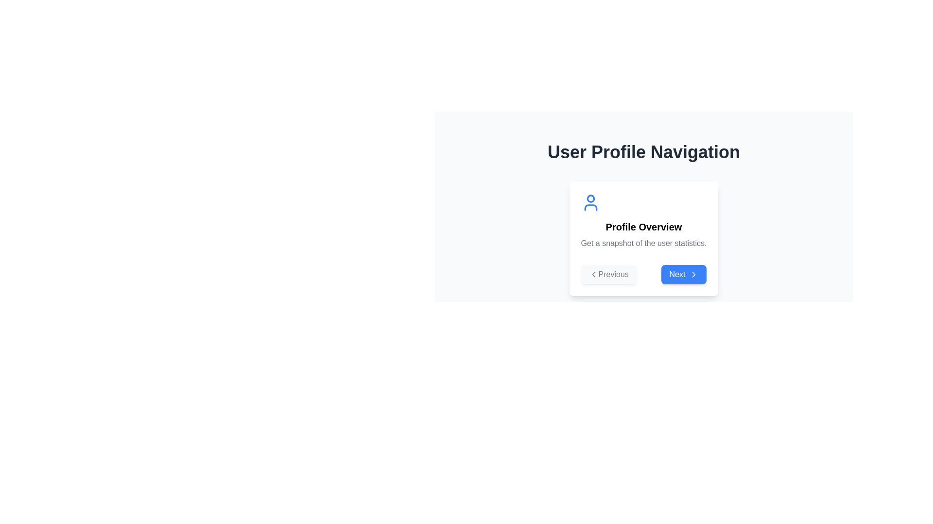  Describe the element at coordinates (693, 275) in the screenshot. I see `the right-facing chevron icon (SVG) located on the right side of the 'Next' button's text label` at that location.